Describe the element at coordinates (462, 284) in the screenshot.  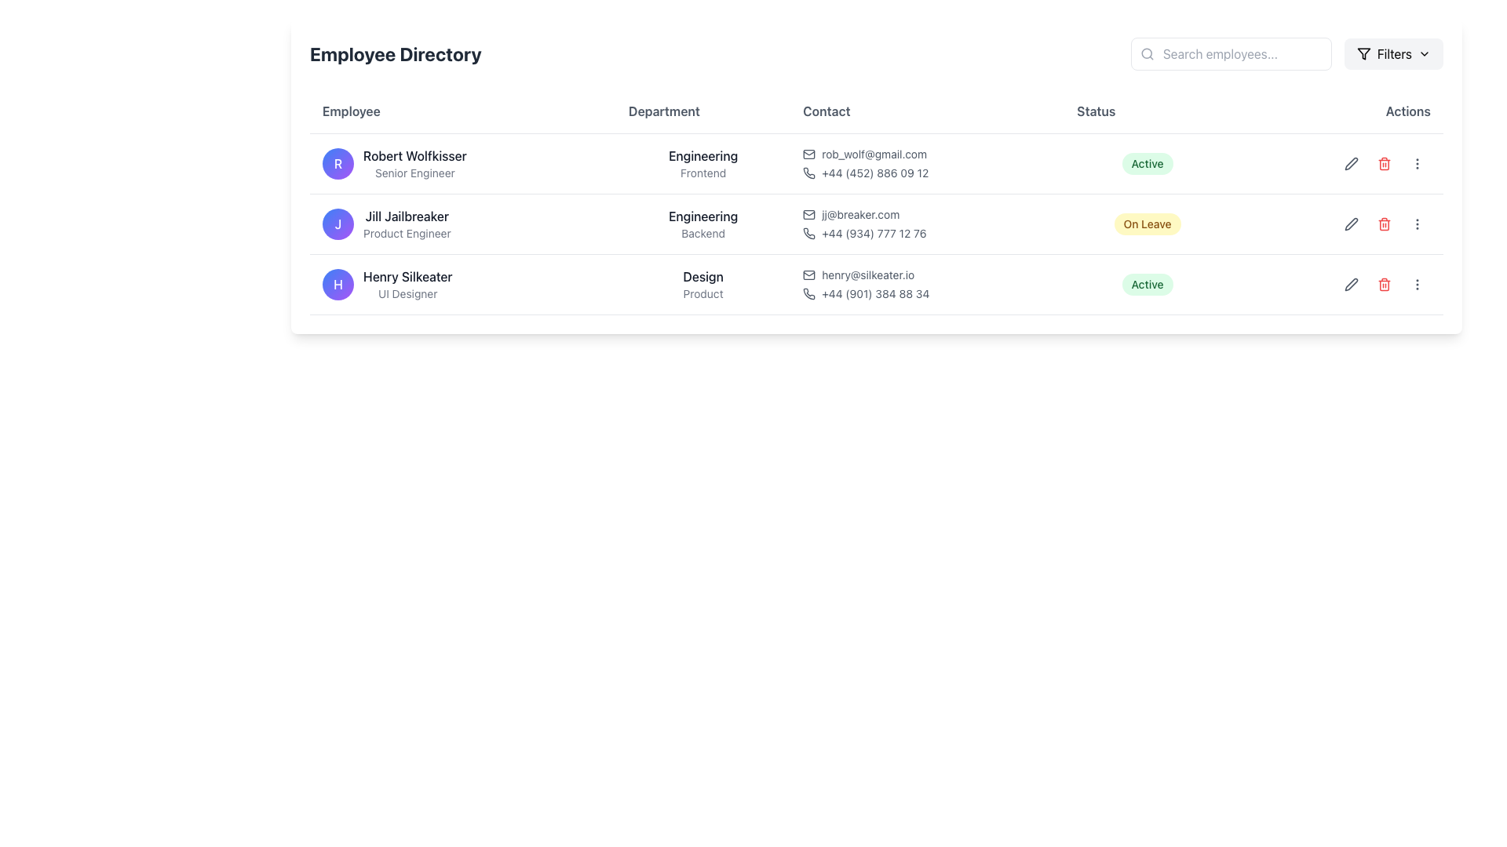
I see `the name 'Henry Silkeater' in the Profile display row` at that location.